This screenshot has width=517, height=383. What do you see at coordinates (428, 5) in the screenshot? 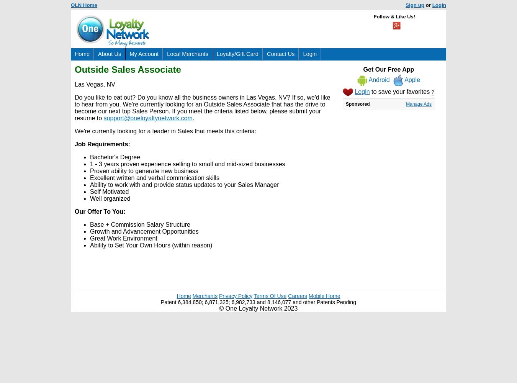
I see `'or'` at bounding box center [428, 5].